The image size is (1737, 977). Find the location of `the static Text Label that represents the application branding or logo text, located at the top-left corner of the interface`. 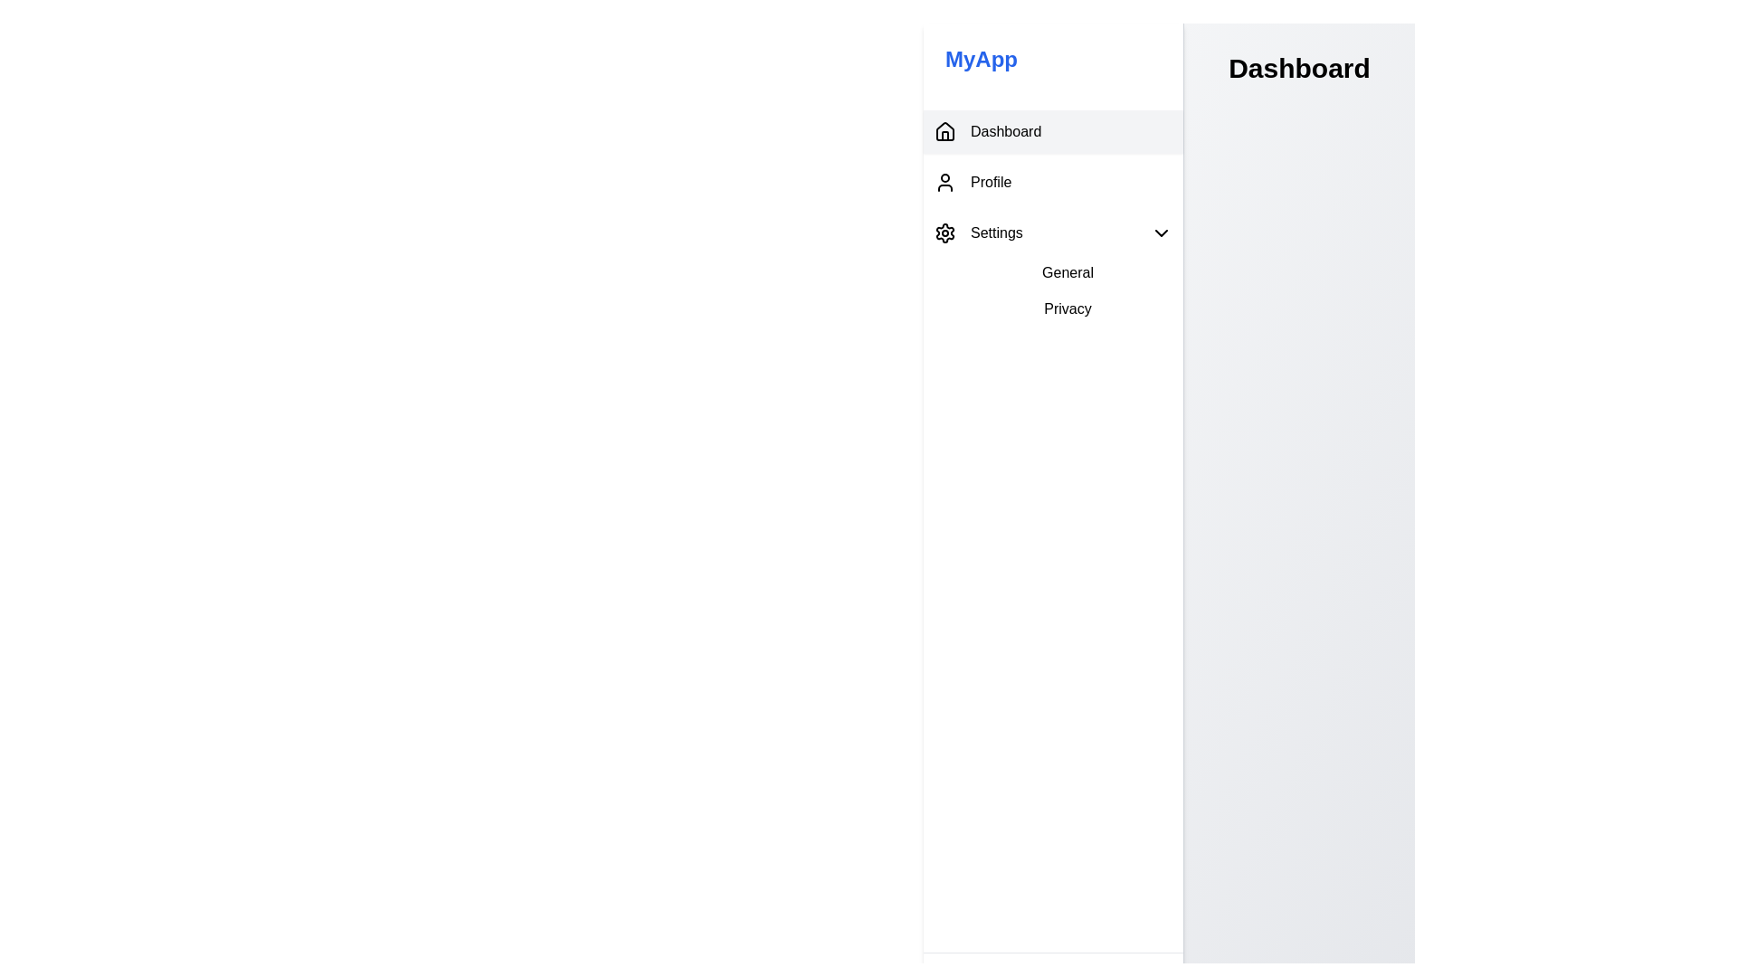

the static Text Label that represents the application branding or logo text, located at the top-left corner of the interface is located at coordinates (980, 58).